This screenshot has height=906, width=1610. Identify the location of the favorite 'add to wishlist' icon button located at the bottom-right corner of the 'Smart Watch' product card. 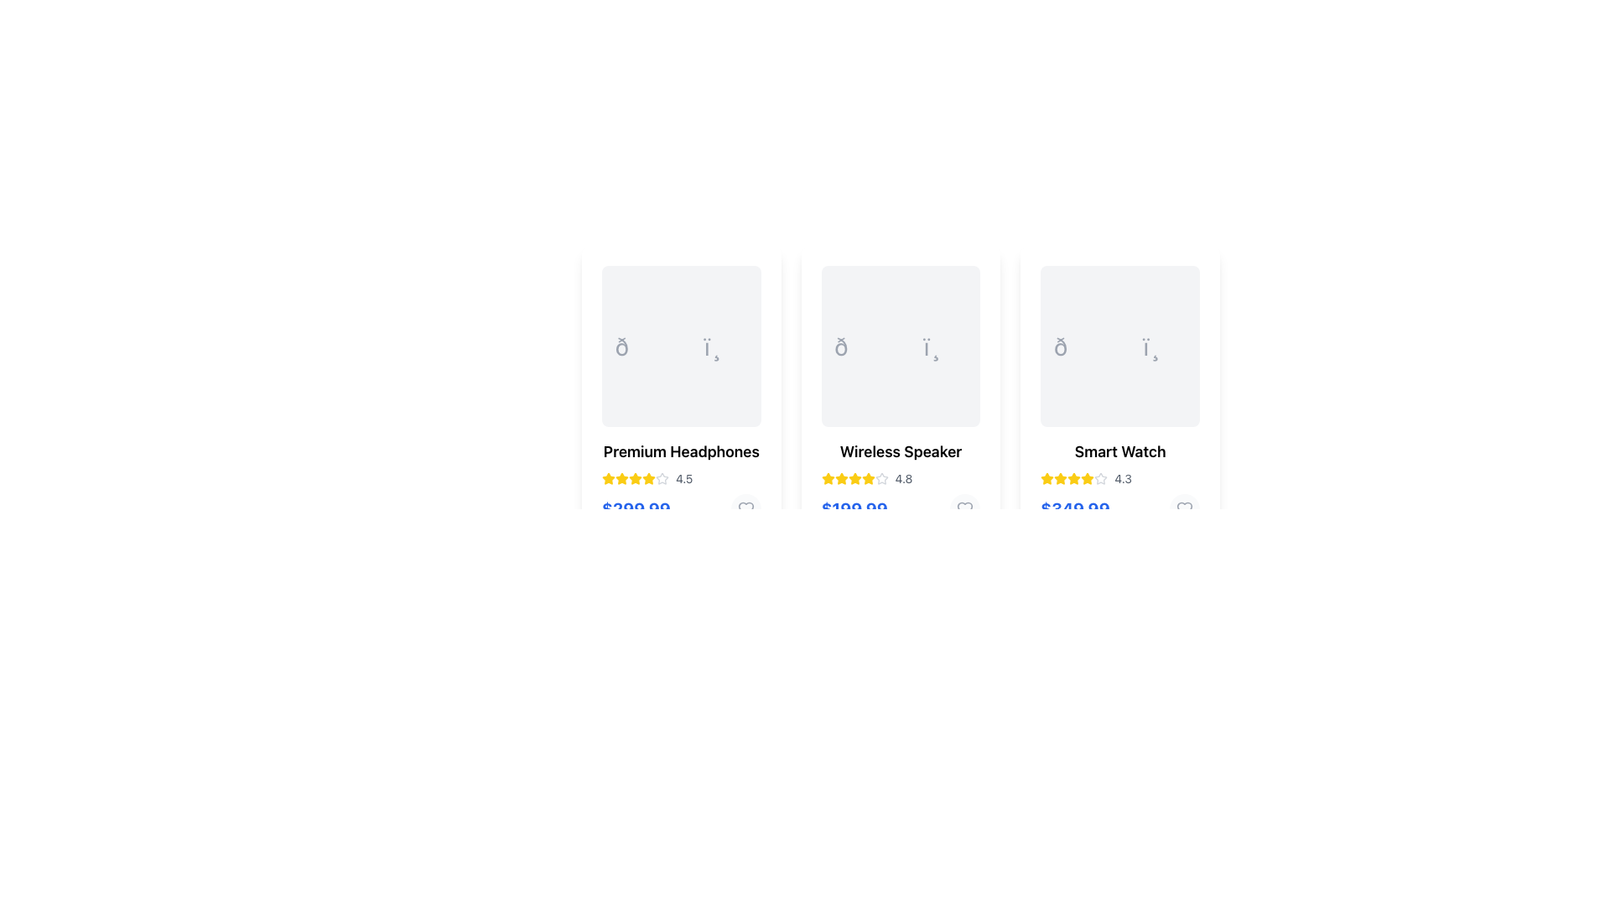
(1183, 508).